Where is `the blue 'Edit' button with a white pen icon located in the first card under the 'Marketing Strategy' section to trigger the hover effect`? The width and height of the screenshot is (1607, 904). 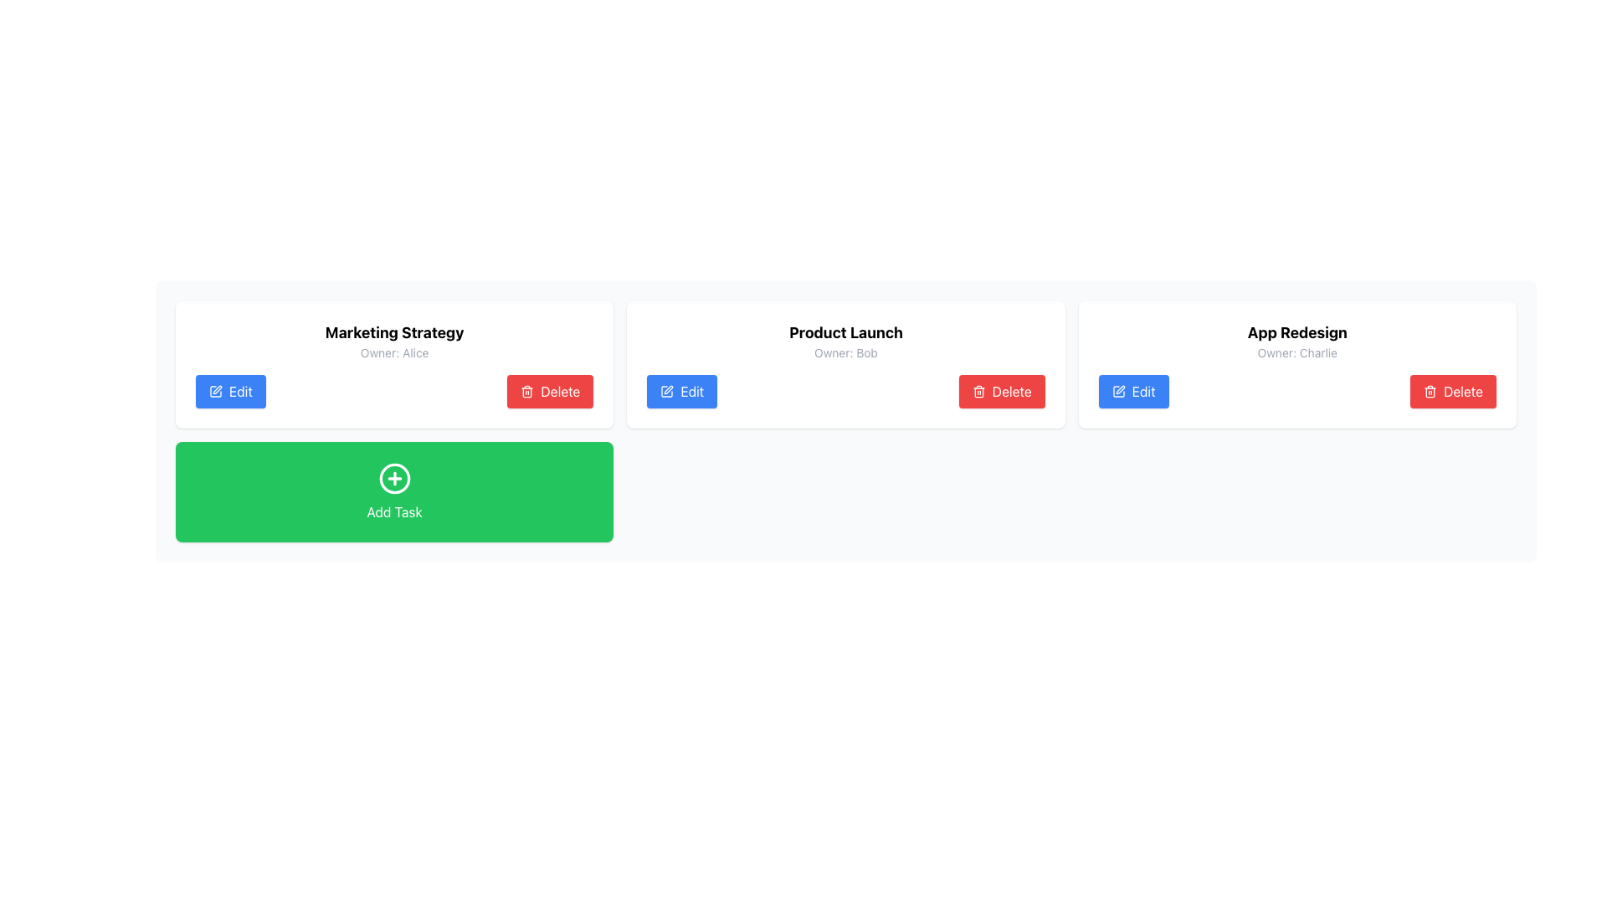
the blue 'Edit' button with a white pen icon located in the first card under the 'Marketing Strategy' section to trigger the hover effect is located at coordinates (229, 391).